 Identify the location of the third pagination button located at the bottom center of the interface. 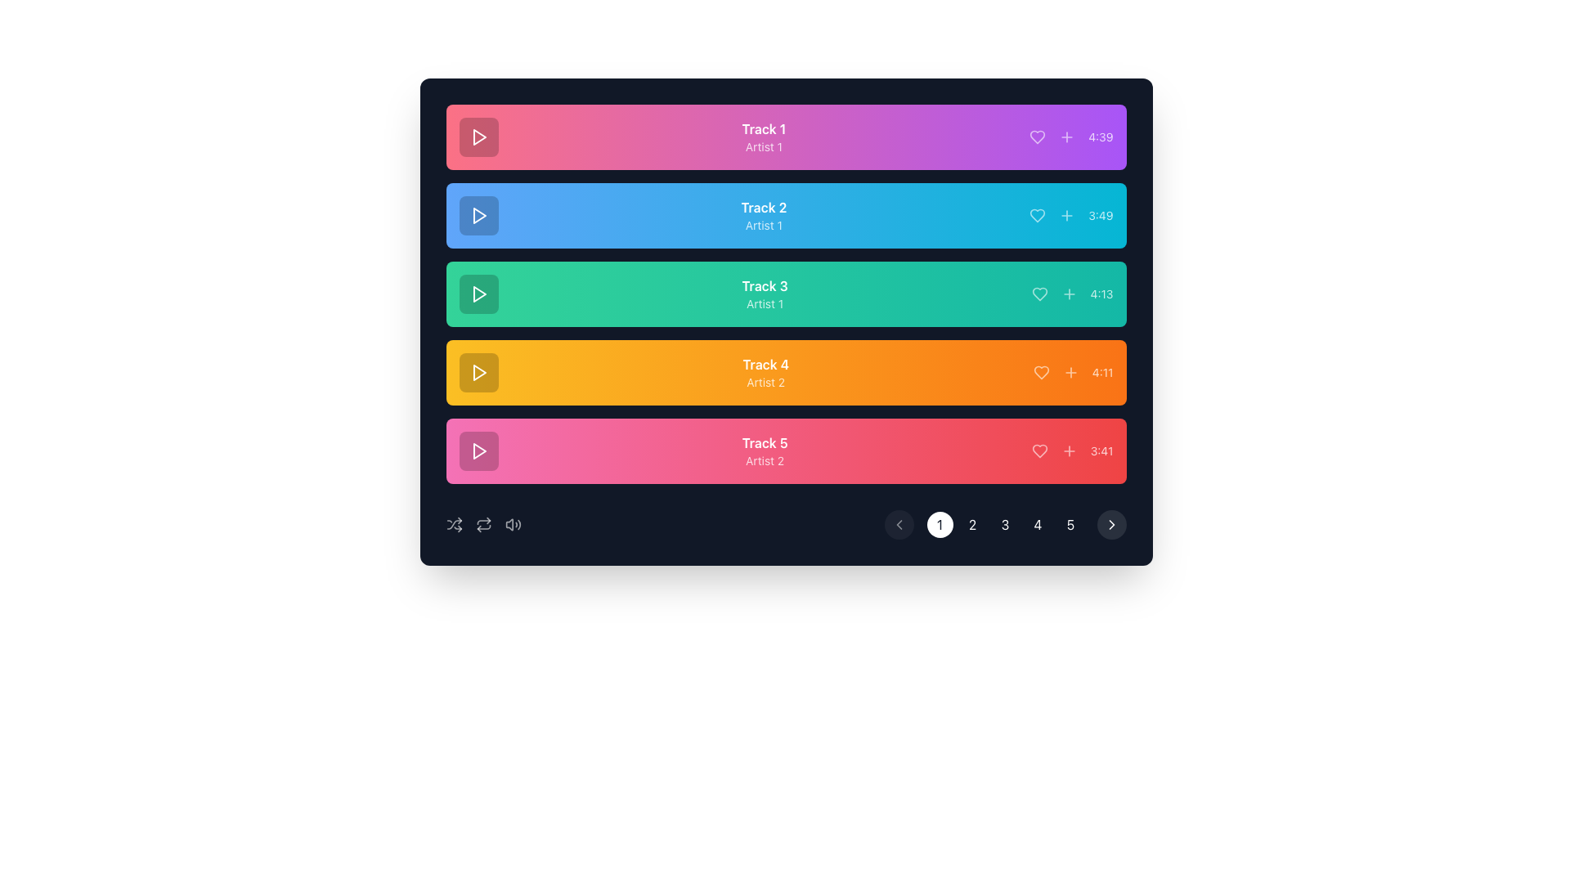
(1004, 524).